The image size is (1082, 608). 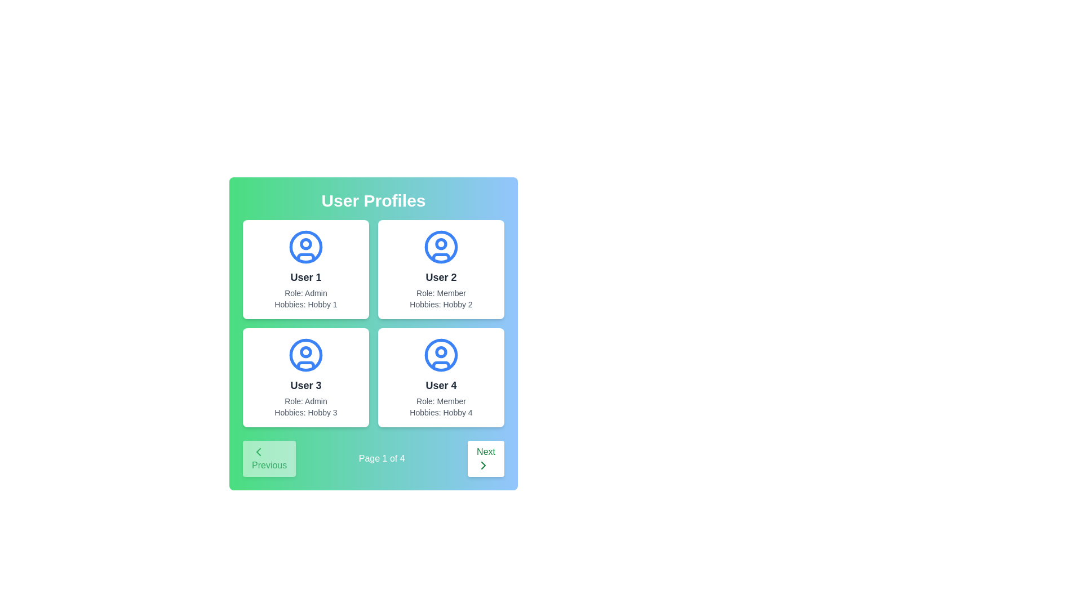 I want to click on the static text displaying the hobbies of 'User 1', located at the bottom of the user profile card, immediately after the 'Role: Admin' text, so click(x=305, y=304).